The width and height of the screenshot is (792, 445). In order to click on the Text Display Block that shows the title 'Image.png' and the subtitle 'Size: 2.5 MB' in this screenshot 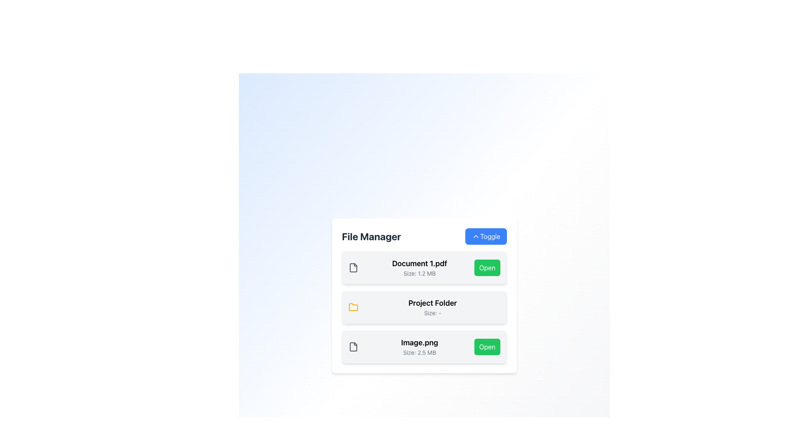, I will do `click(420, 347)`.